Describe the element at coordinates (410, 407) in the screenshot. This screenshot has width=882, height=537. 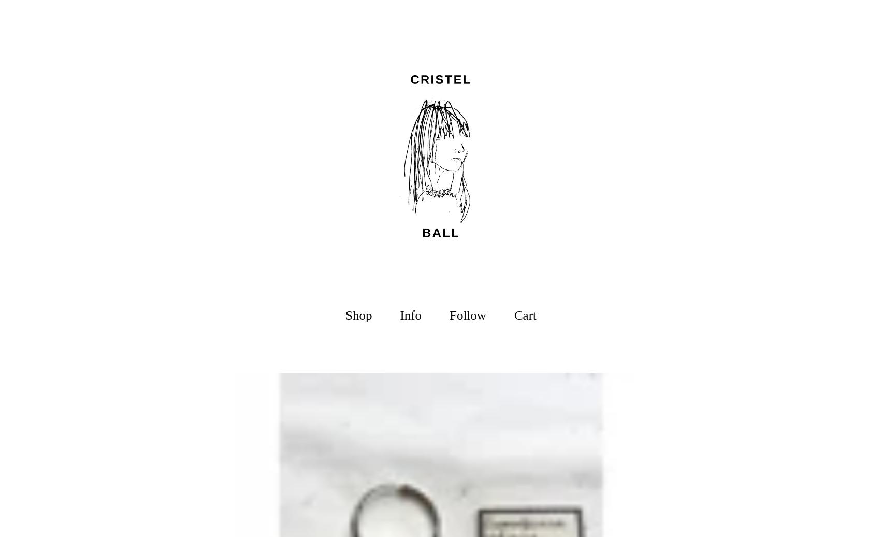
I see `'Stockists & PR'` at that location.